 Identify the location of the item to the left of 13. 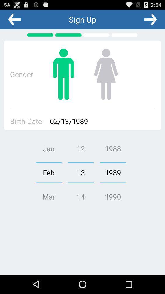
(48, 172).